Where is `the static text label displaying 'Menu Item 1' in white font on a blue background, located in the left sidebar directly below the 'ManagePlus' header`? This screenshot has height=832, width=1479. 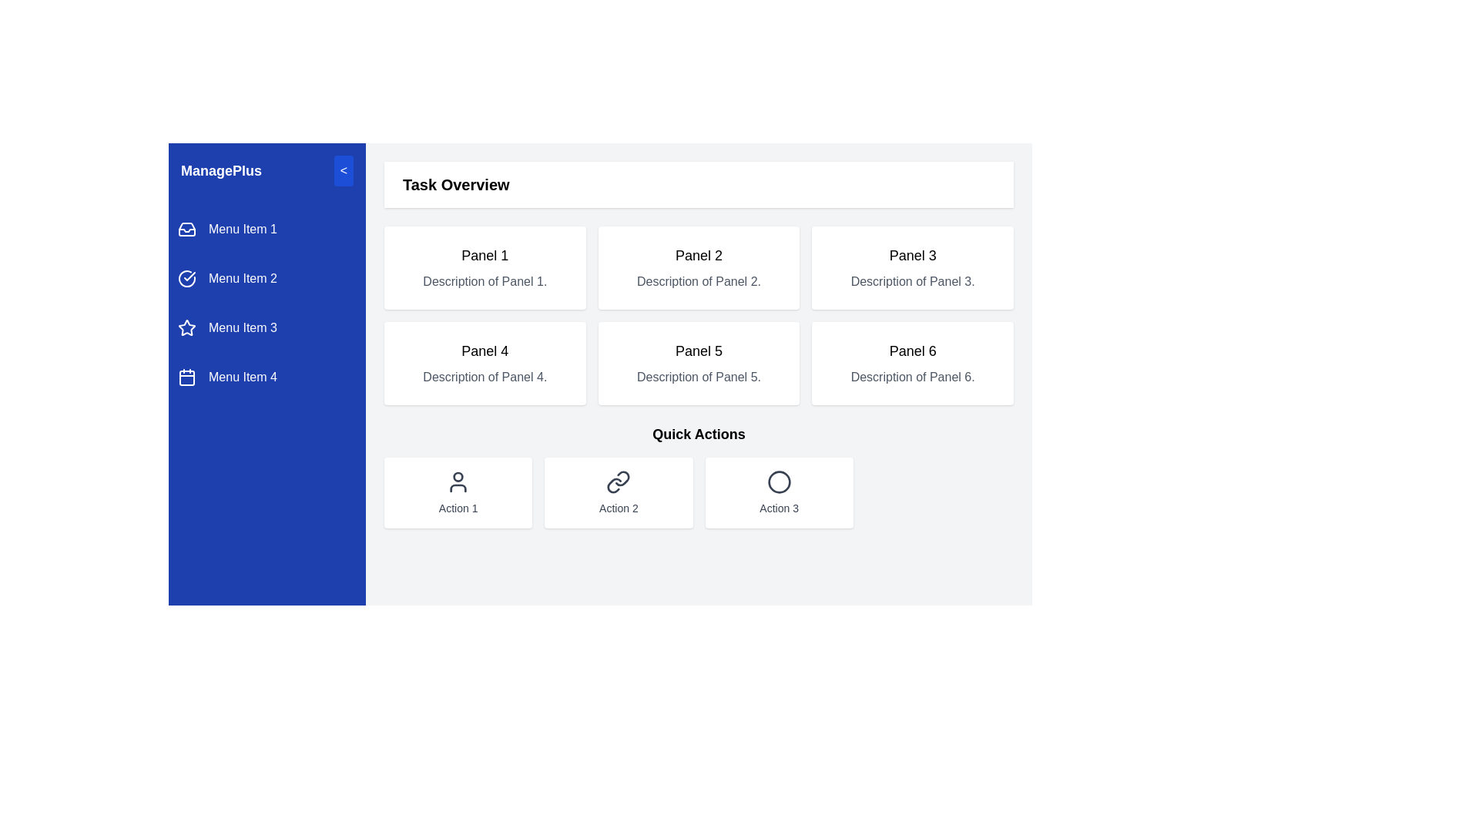 the static text label displaying 'Menu Item 1' in white font on a blue background, located in the left sidebar directly below the 'ManagePlus' header is located at coordinates (242, 229).